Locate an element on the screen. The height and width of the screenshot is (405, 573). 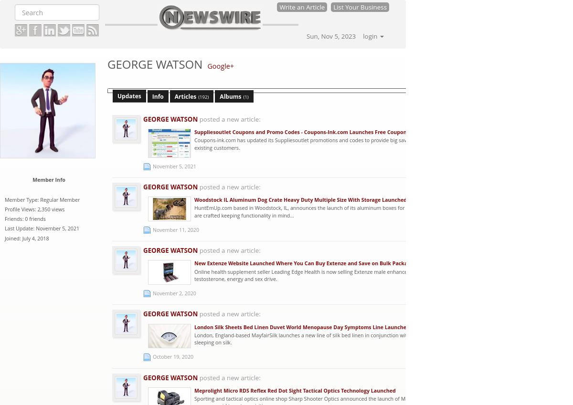
'List a Business' is located at coordinates (527, 72).